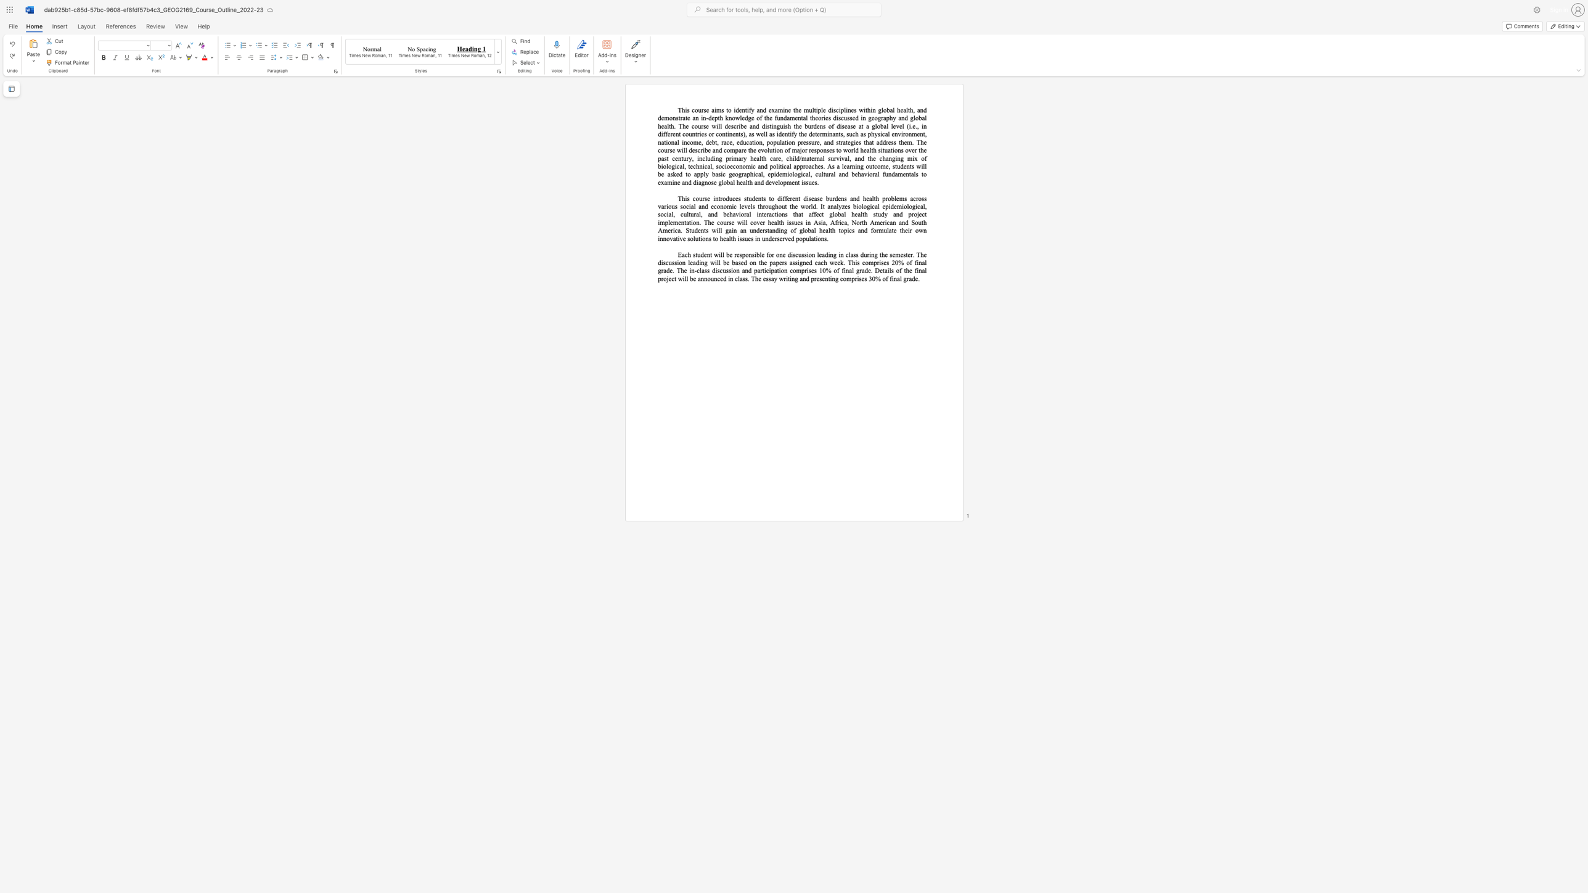  Describe the element at coordinates (851, 166) in the screenshot. I see `the subset text "ning" within the text "As a learning"` at that location.